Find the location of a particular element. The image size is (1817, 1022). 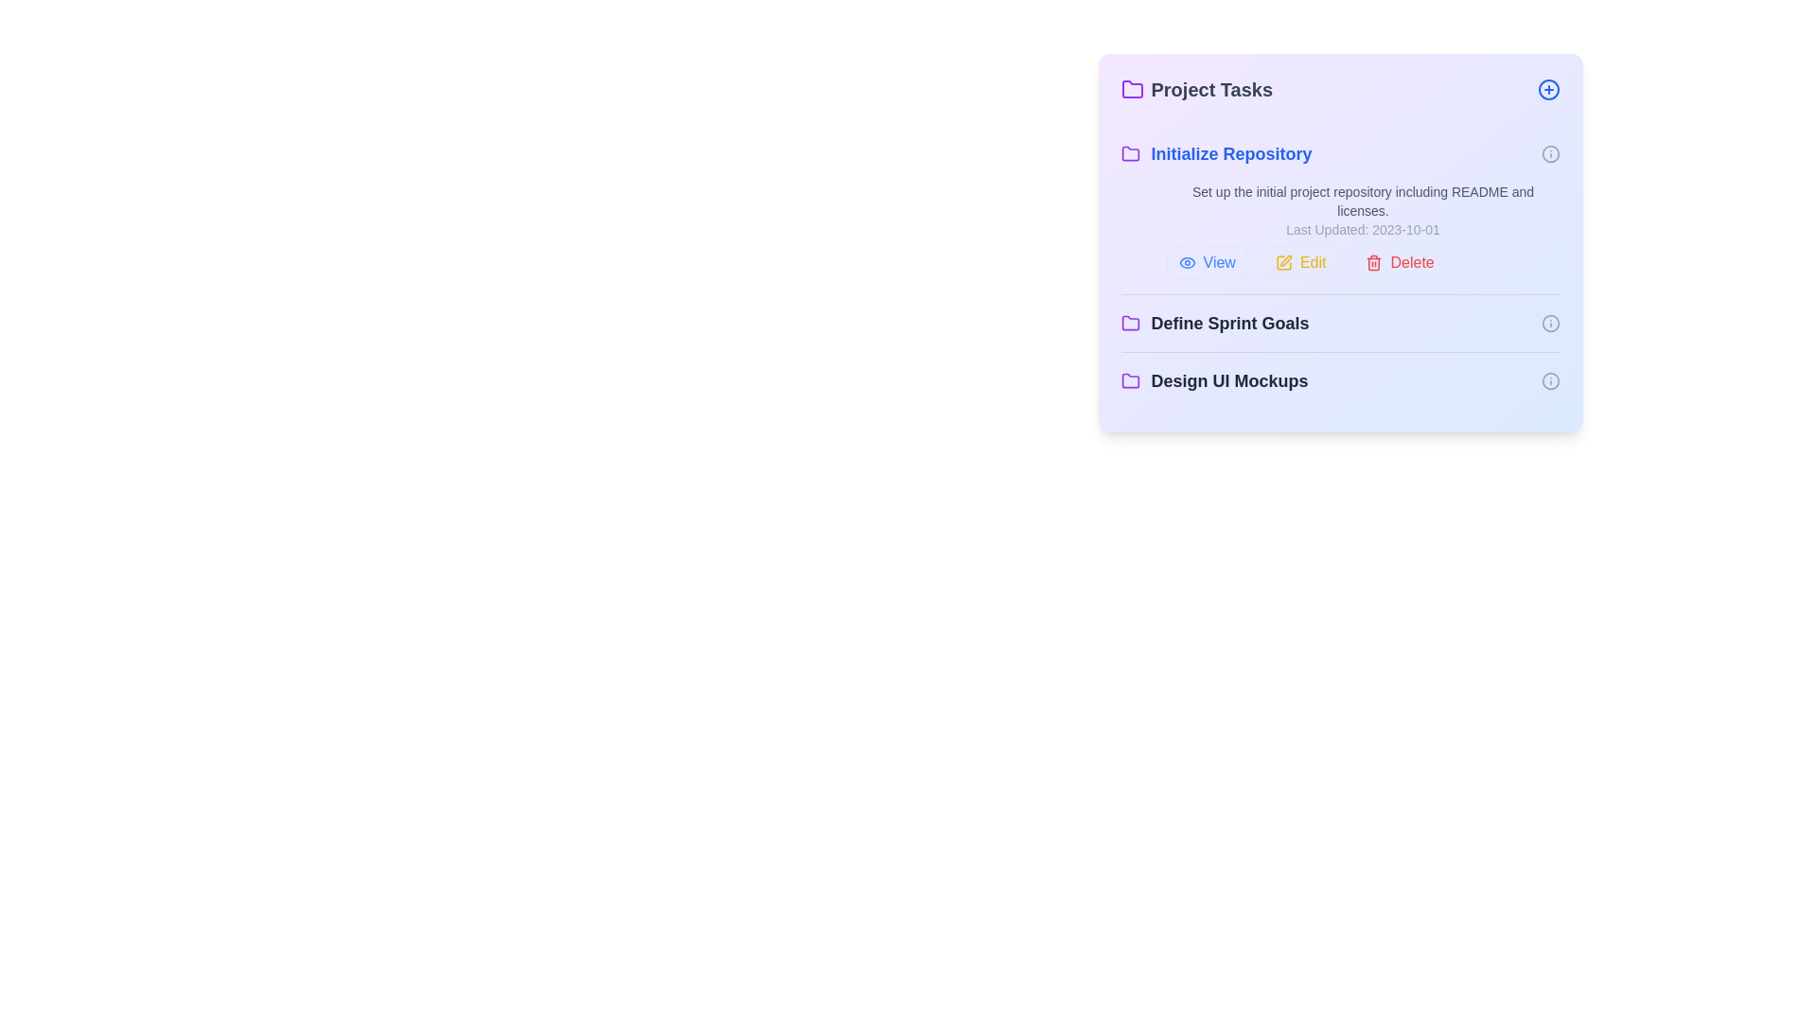

the list item labeled 'Design UI Mockups' is located at coordinates (1339, 380).